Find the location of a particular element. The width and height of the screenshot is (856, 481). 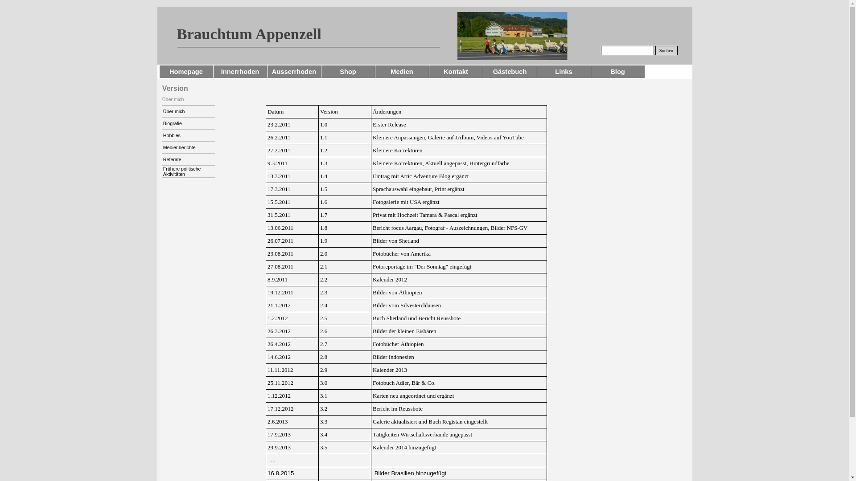

'Ausserrhoden' is located at coordinates (294, 71).